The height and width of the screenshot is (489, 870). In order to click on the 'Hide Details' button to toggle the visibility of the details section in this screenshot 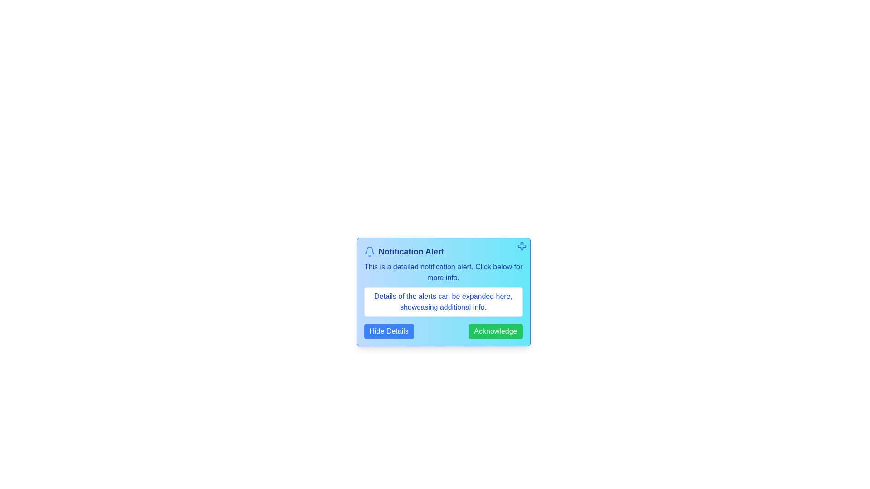, I will do `click(389, 331)`.